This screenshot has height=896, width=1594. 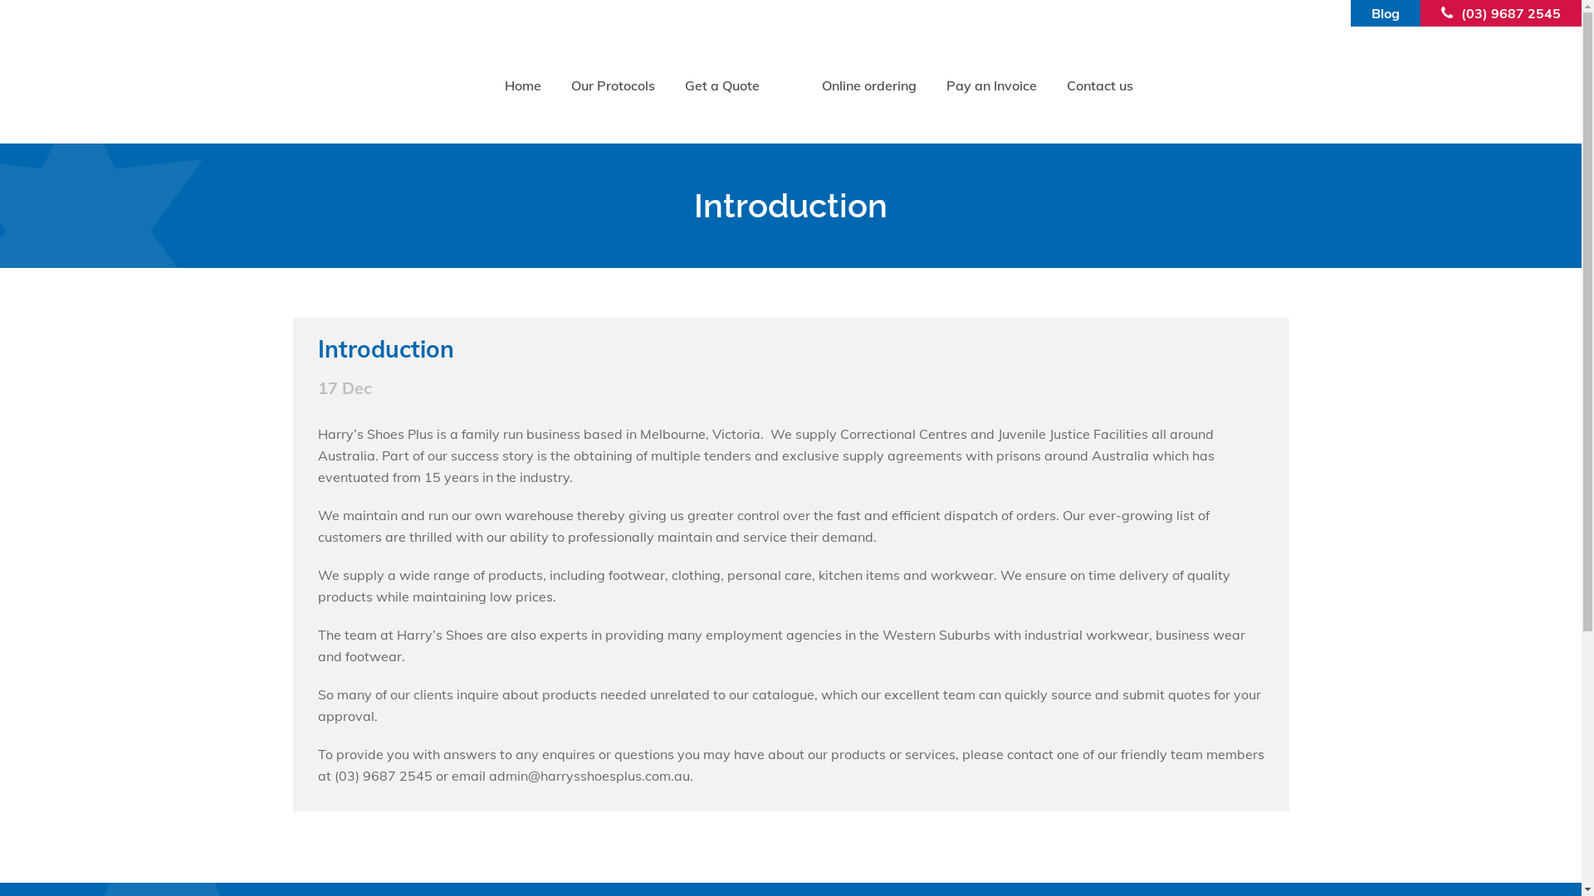 I want to click on 'Blog', so click(x=1371, y=12).